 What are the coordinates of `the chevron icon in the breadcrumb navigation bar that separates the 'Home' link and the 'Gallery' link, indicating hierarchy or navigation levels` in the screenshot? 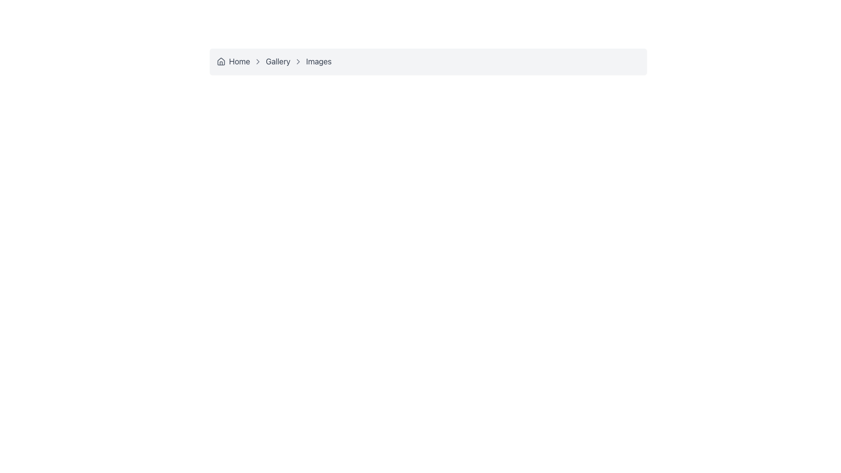 It's located at (258, 61).